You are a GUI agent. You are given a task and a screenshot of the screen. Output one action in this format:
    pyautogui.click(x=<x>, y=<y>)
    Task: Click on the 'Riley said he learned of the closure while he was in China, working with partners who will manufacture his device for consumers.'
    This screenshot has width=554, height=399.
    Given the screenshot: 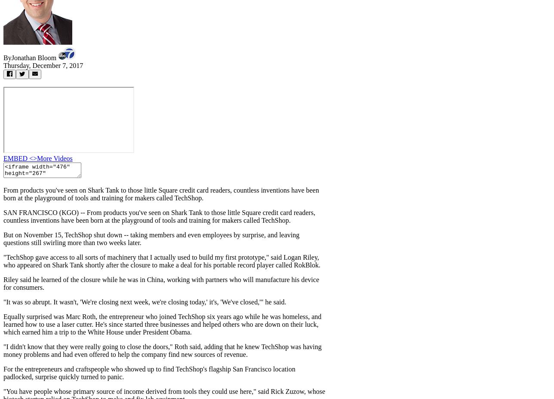 What is the action you would take?
    pyautogui.click(x=161, y=283)
    